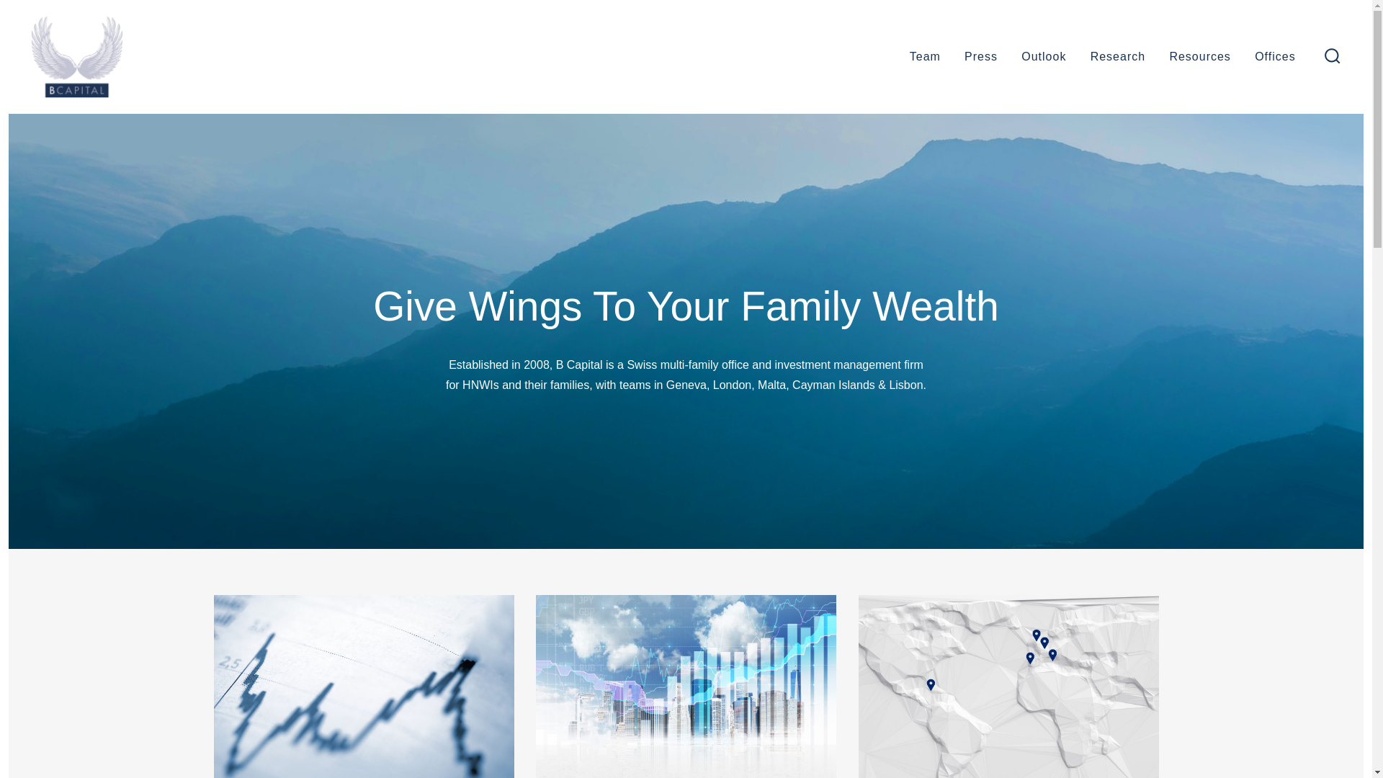 The image size is (1383, 778). Describe the element at coordinates (1020, 56) in the screenshot. I see `'Outlook'` at that location.